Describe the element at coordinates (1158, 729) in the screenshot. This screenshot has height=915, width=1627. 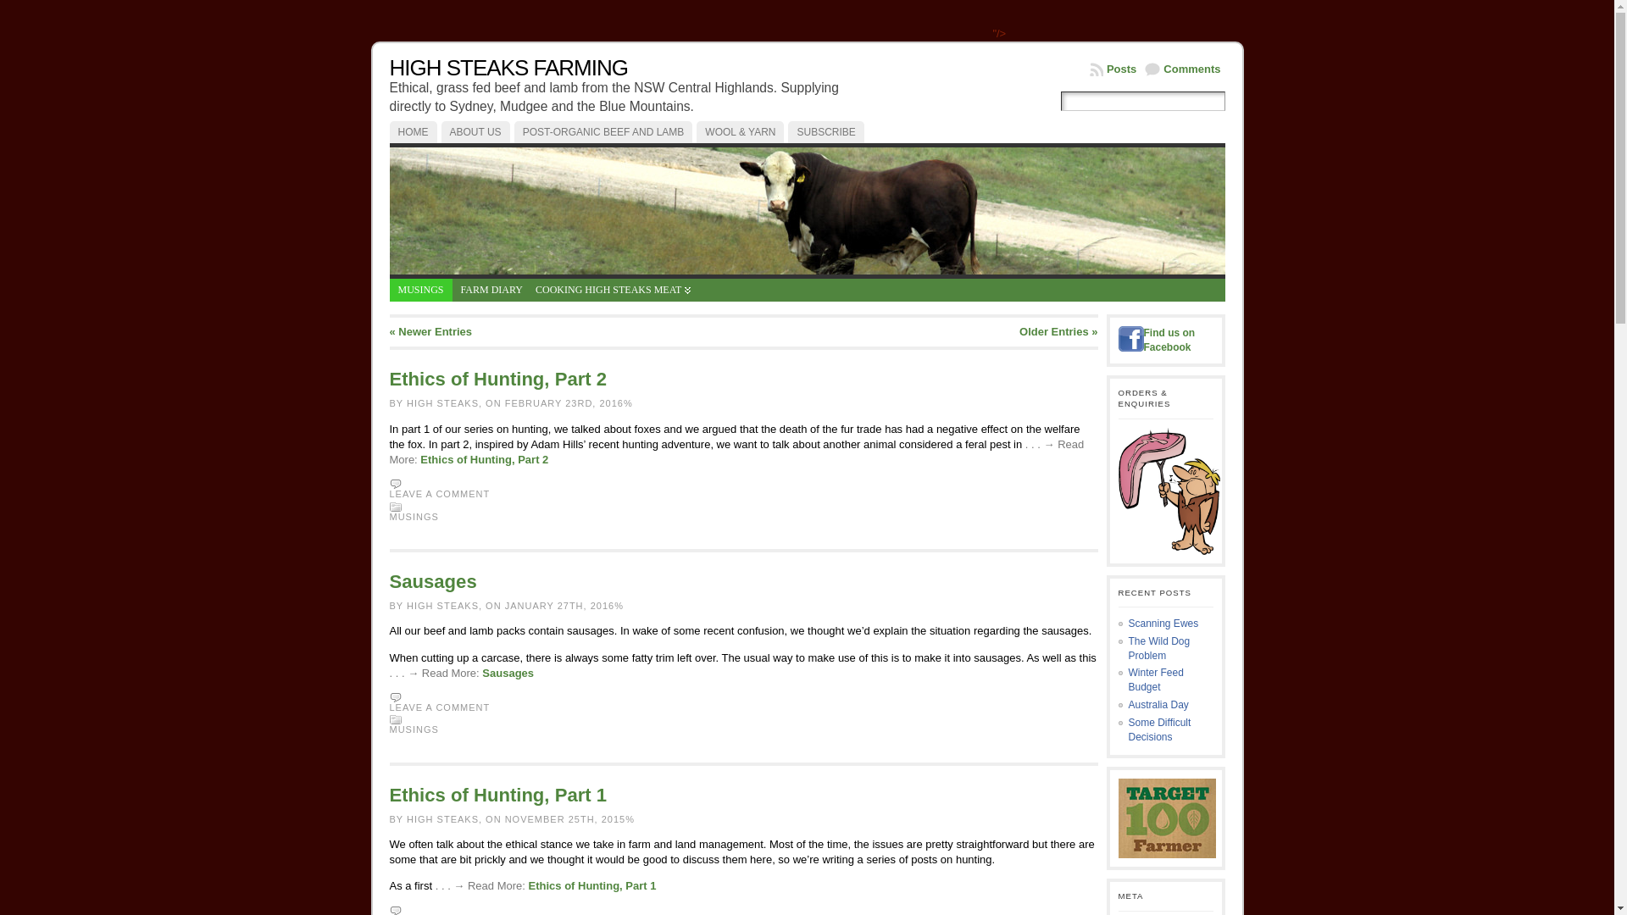
I see `'Some Difficult Decisions'` at that location.